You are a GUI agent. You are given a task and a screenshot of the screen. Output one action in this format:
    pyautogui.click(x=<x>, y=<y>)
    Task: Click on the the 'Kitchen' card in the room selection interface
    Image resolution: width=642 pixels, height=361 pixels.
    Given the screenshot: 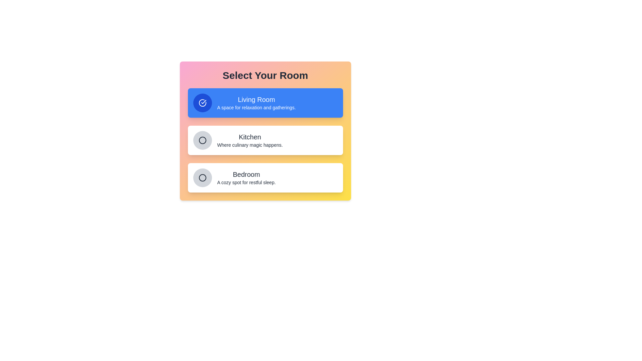 What is the action you would take?
    pyautogui.click(x=265, y=140)
    